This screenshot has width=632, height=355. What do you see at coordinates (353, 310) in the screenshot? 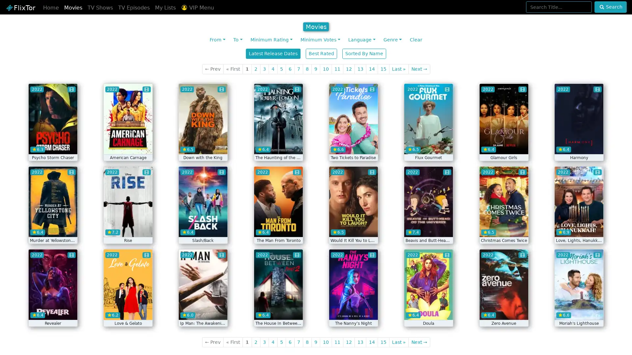
I see `Watch Now` at bounding box center [353, 310].